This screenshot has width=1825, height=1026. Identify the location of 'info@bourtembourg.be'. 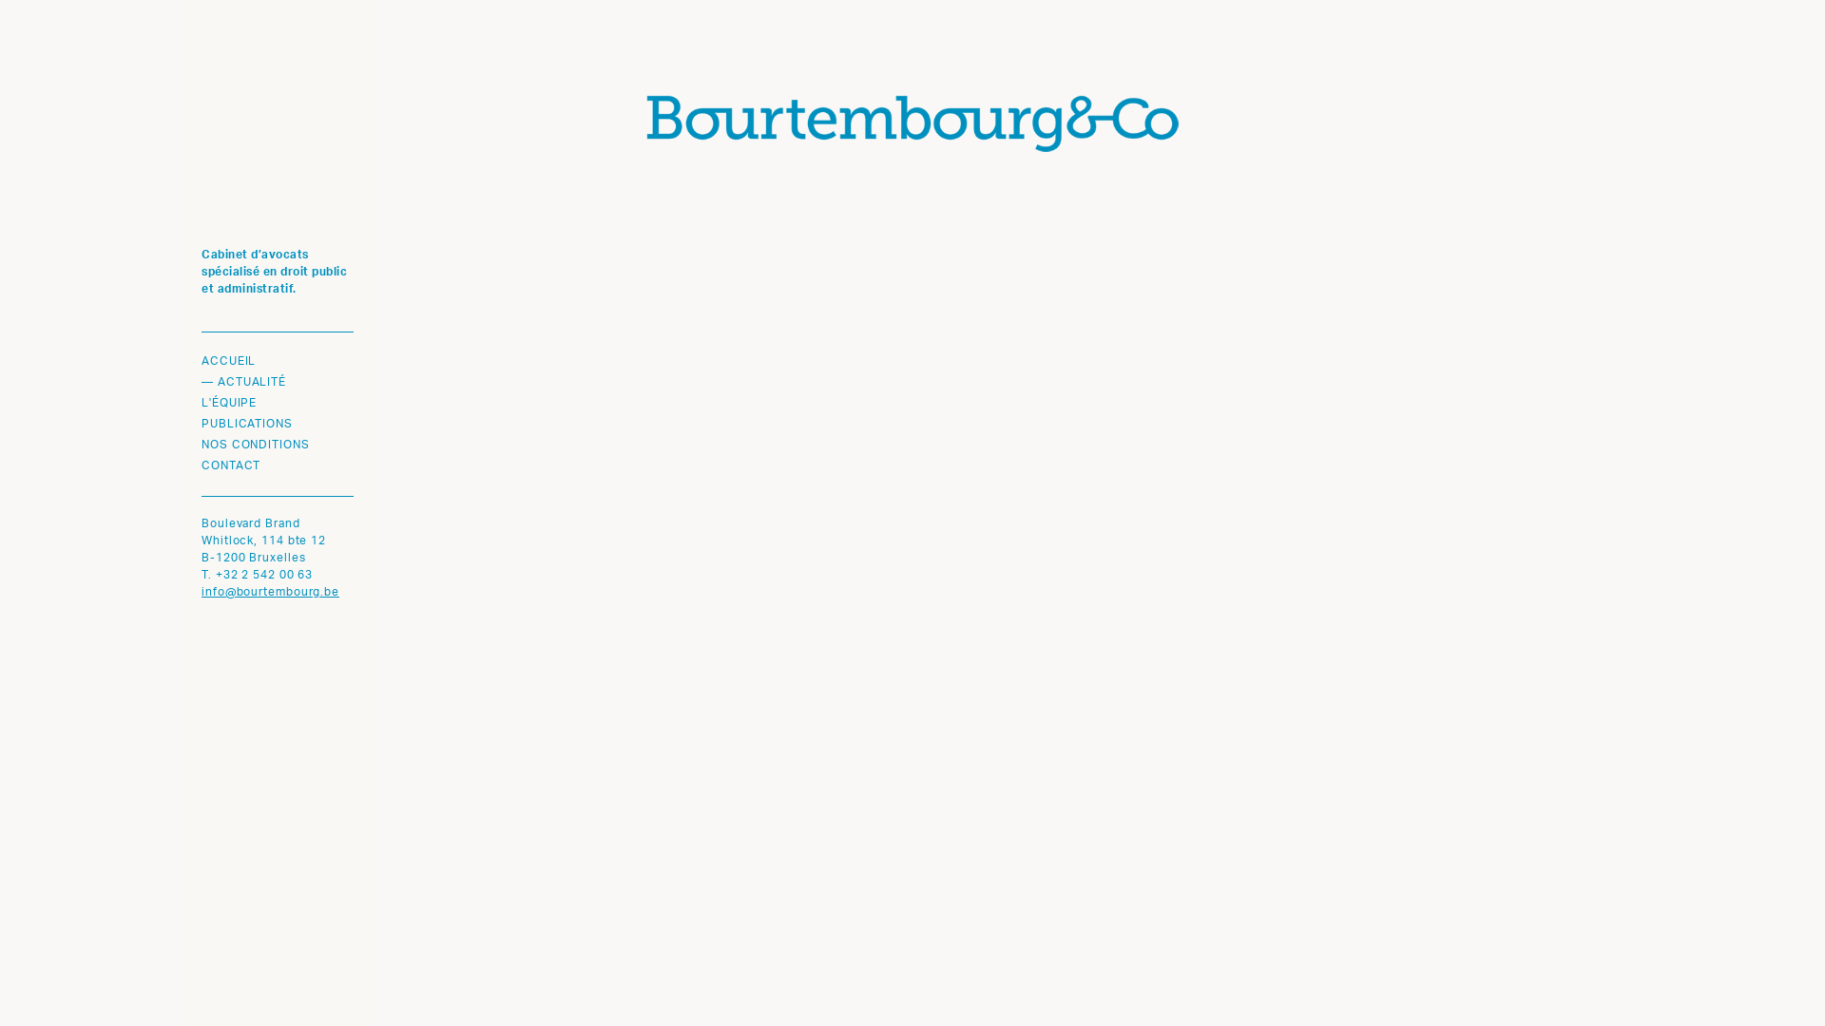
(201, 592).